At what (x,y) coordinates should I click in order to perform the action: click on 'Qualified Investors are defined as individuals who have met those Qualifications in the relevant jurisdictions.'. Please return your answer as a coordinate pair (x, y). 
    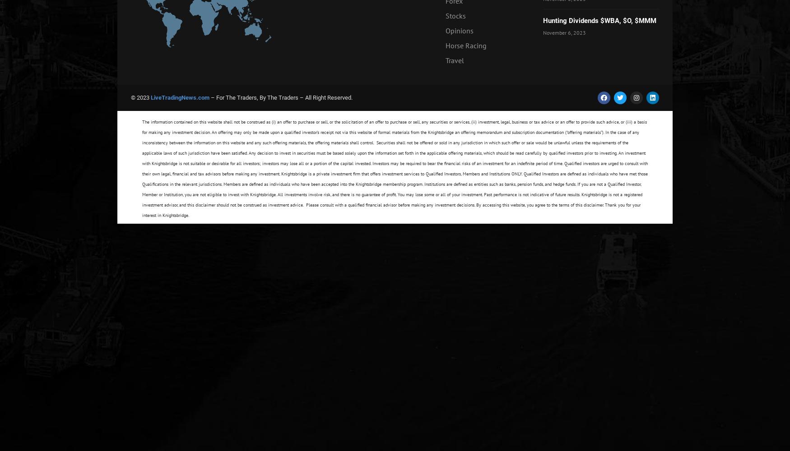
    Looking at the image, I should click on (395, 179).